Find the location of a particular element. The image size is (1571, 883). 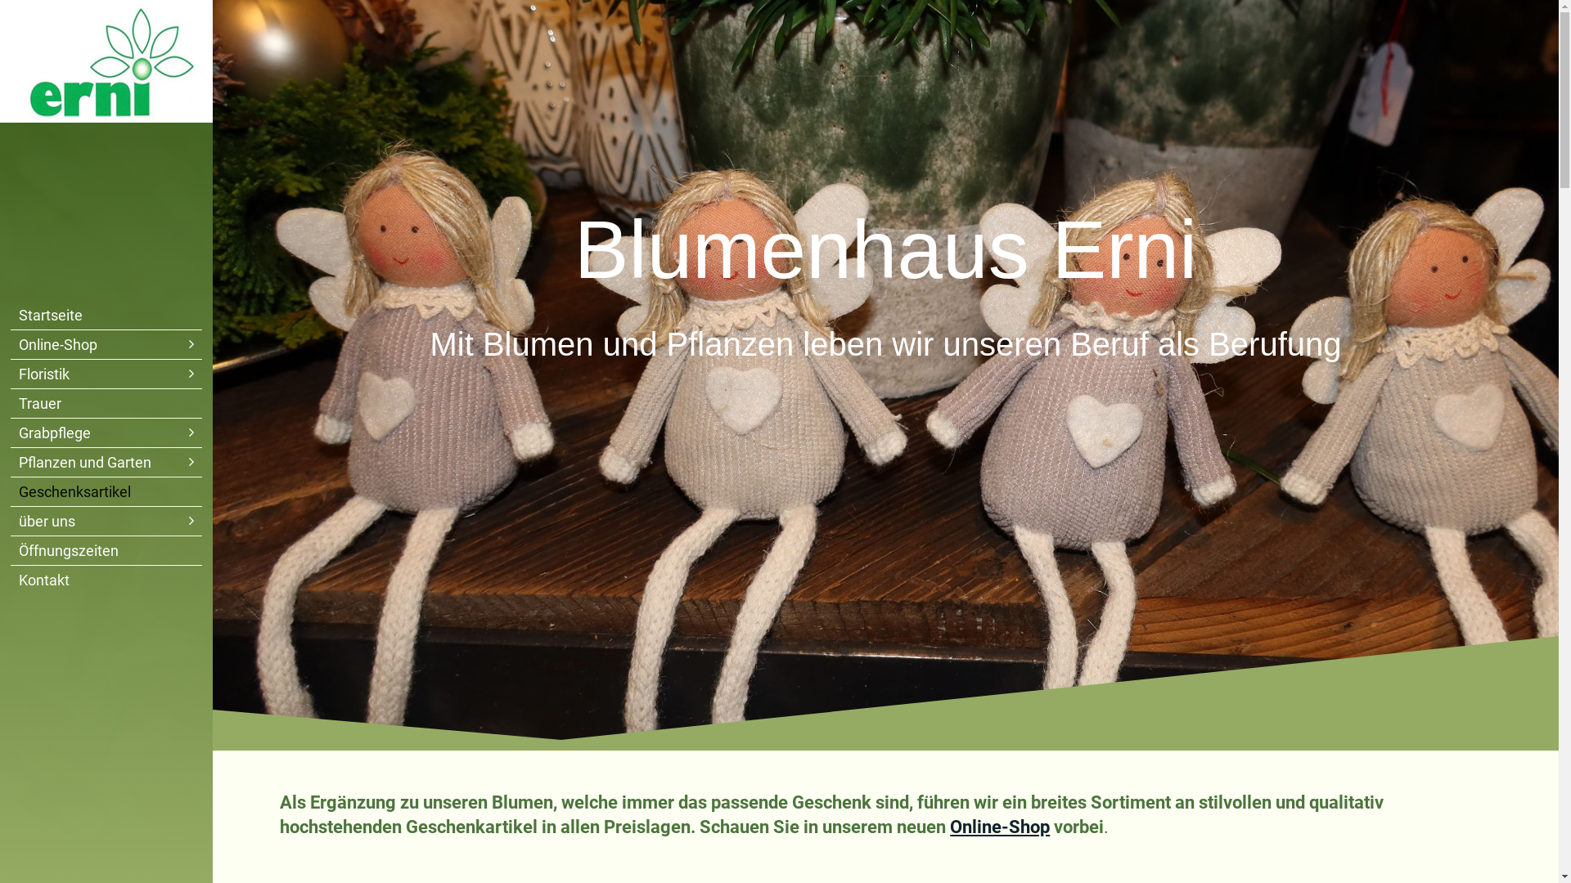

'Startseite' is located at coordinates (105, 315).